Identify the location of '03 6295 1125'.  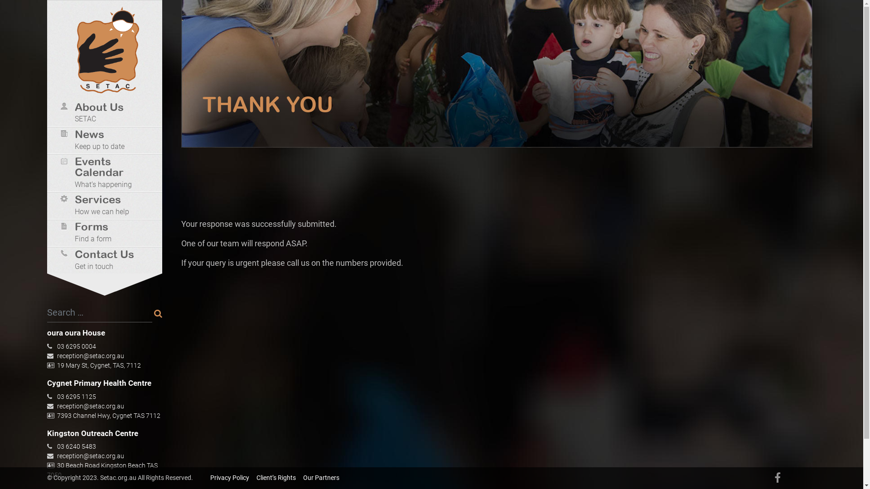
(76, 396).